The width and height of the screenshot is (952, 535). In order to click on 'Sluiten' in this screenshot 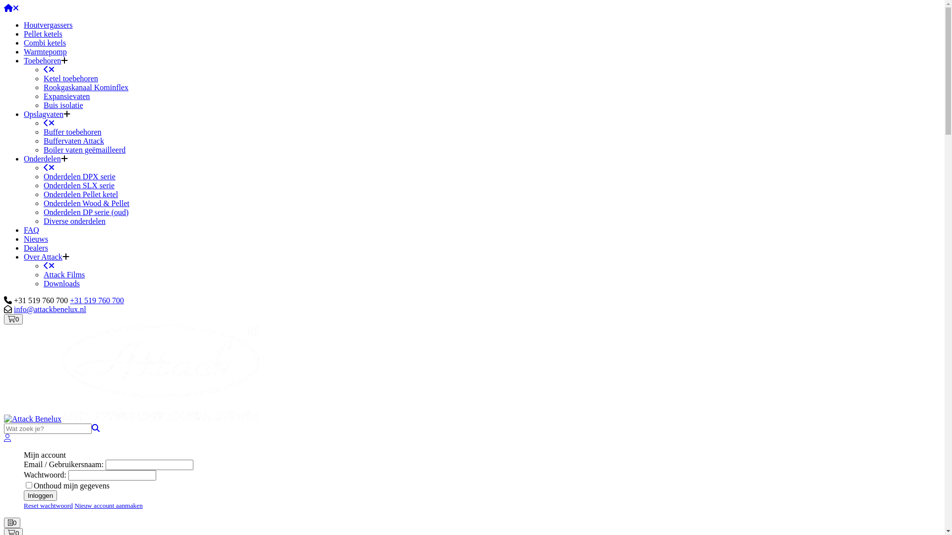, I will do `click(16, 8)`.